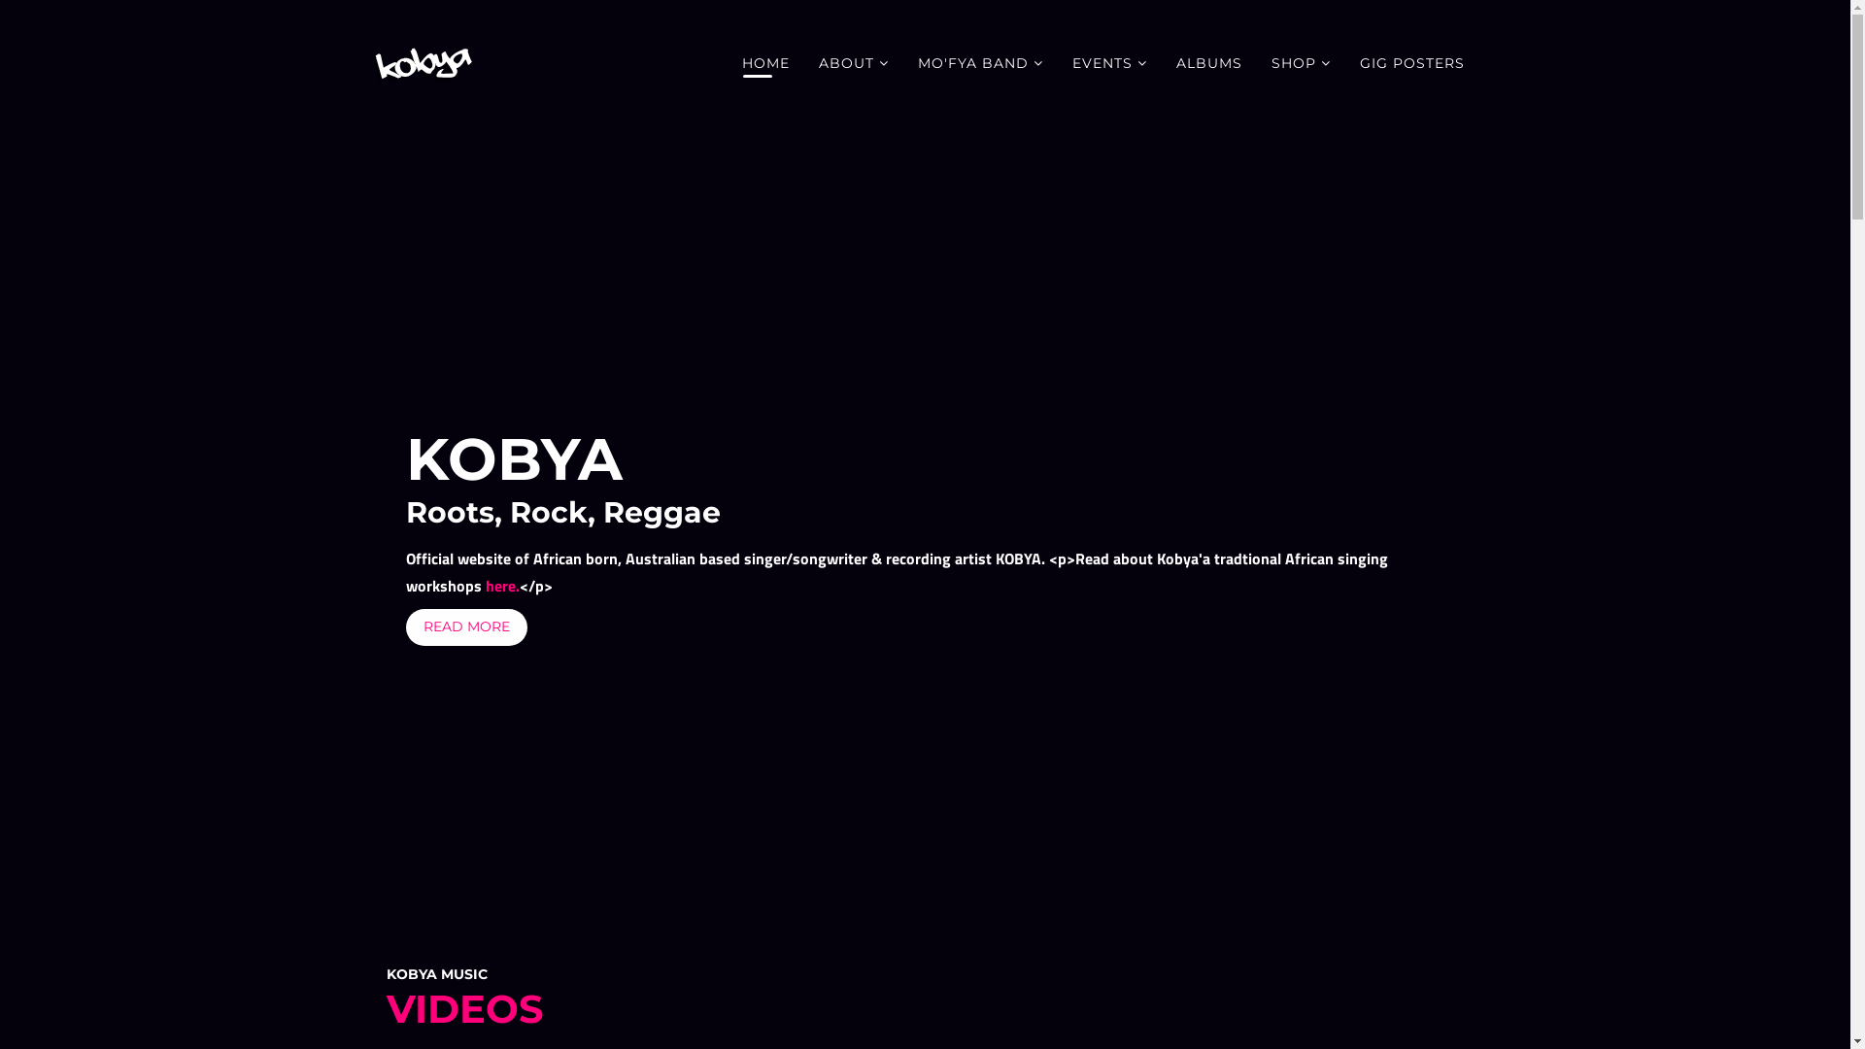  What do you see at coordinates (726, 62) in the screenshot?
I see `'HOME'` at bounding box center [726, 62].